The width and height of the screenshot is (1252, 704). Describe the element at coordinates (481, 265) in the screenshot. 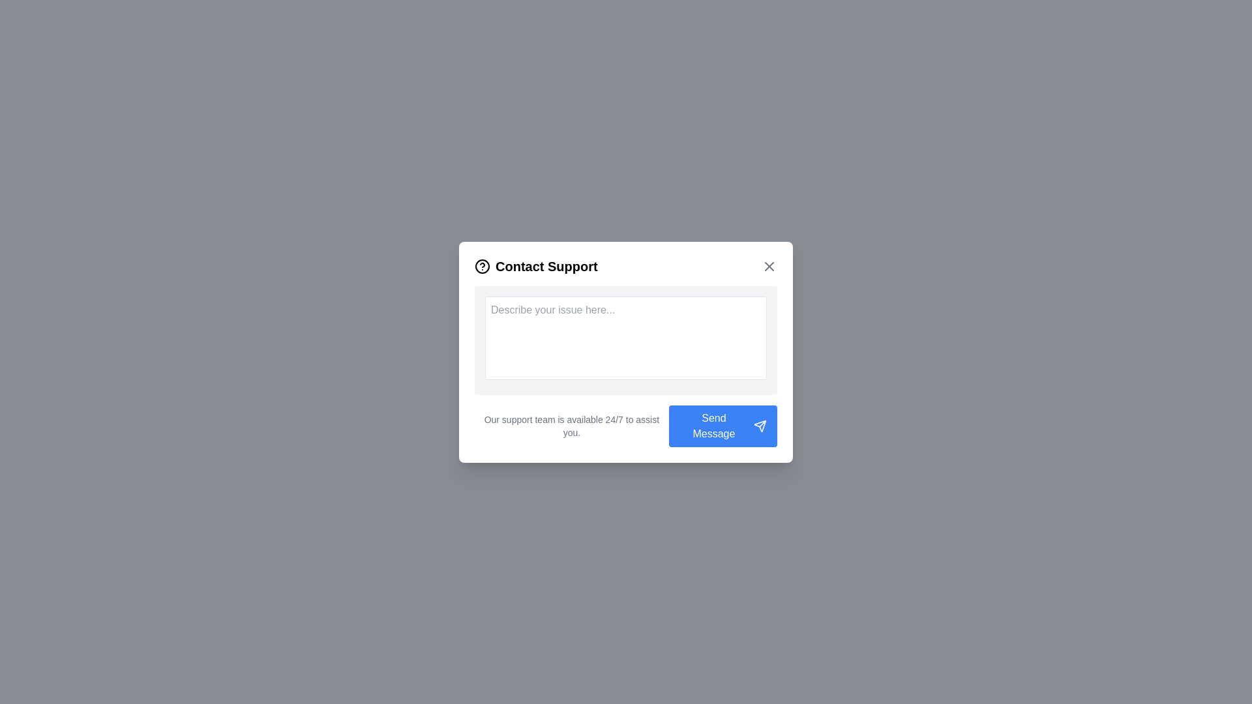

I see `the help icon located to the left of the 'Contact Support' header text in the upper center of the modal dialog box` at that location.